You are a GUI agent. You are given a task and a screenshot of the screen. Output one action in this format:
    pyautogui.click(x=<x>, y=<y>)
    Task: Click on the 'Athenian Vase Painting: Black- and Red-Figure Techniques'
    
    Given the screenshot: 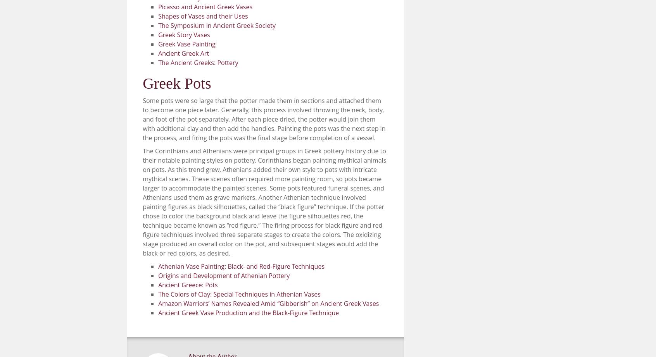 What is the action you would take?
    pyautogui.click(x=241, y=266)
    